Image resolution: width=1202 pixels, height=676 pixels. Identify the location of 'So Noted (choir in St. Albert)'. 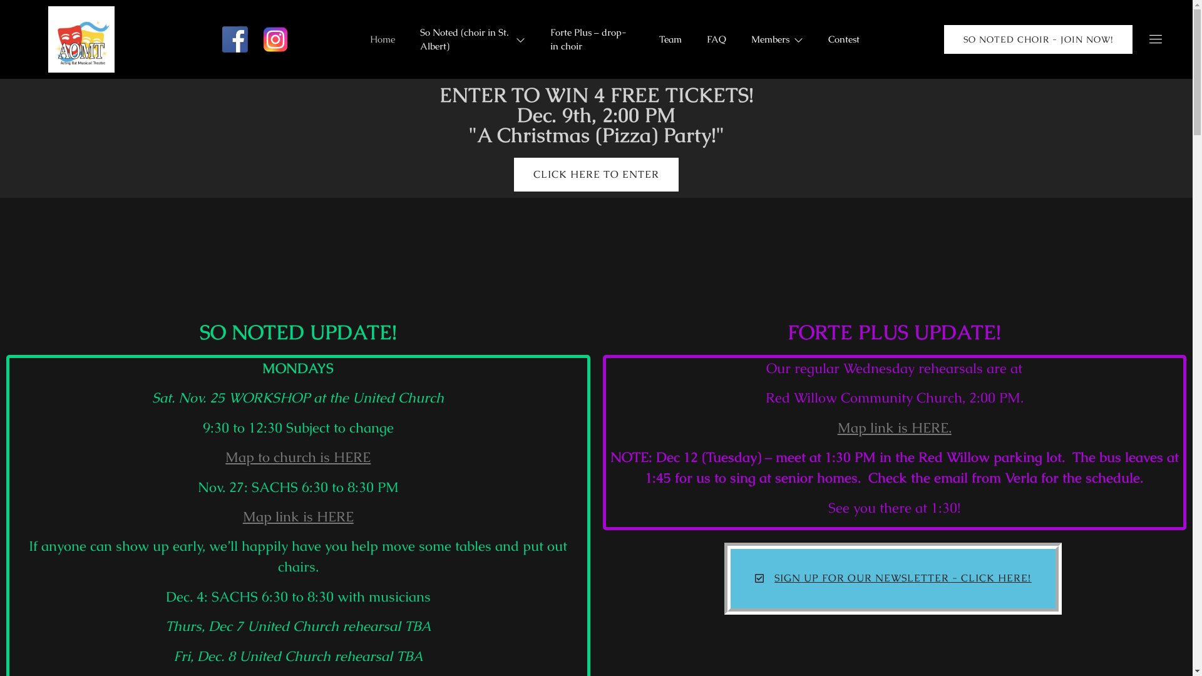
(471, 38).